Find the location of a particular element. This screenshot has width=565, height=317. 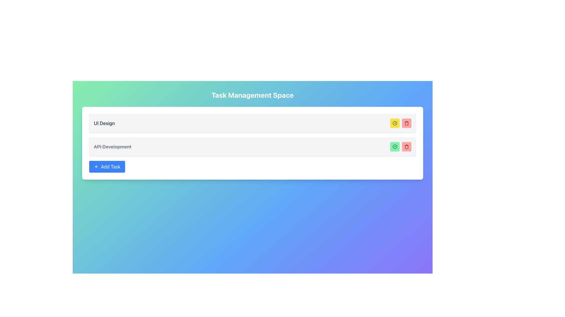

the header text labeled 'Task Management Space' which is displayed in bold, white font at the top of the interface with a gradient background is located at coordinates (252, 95).